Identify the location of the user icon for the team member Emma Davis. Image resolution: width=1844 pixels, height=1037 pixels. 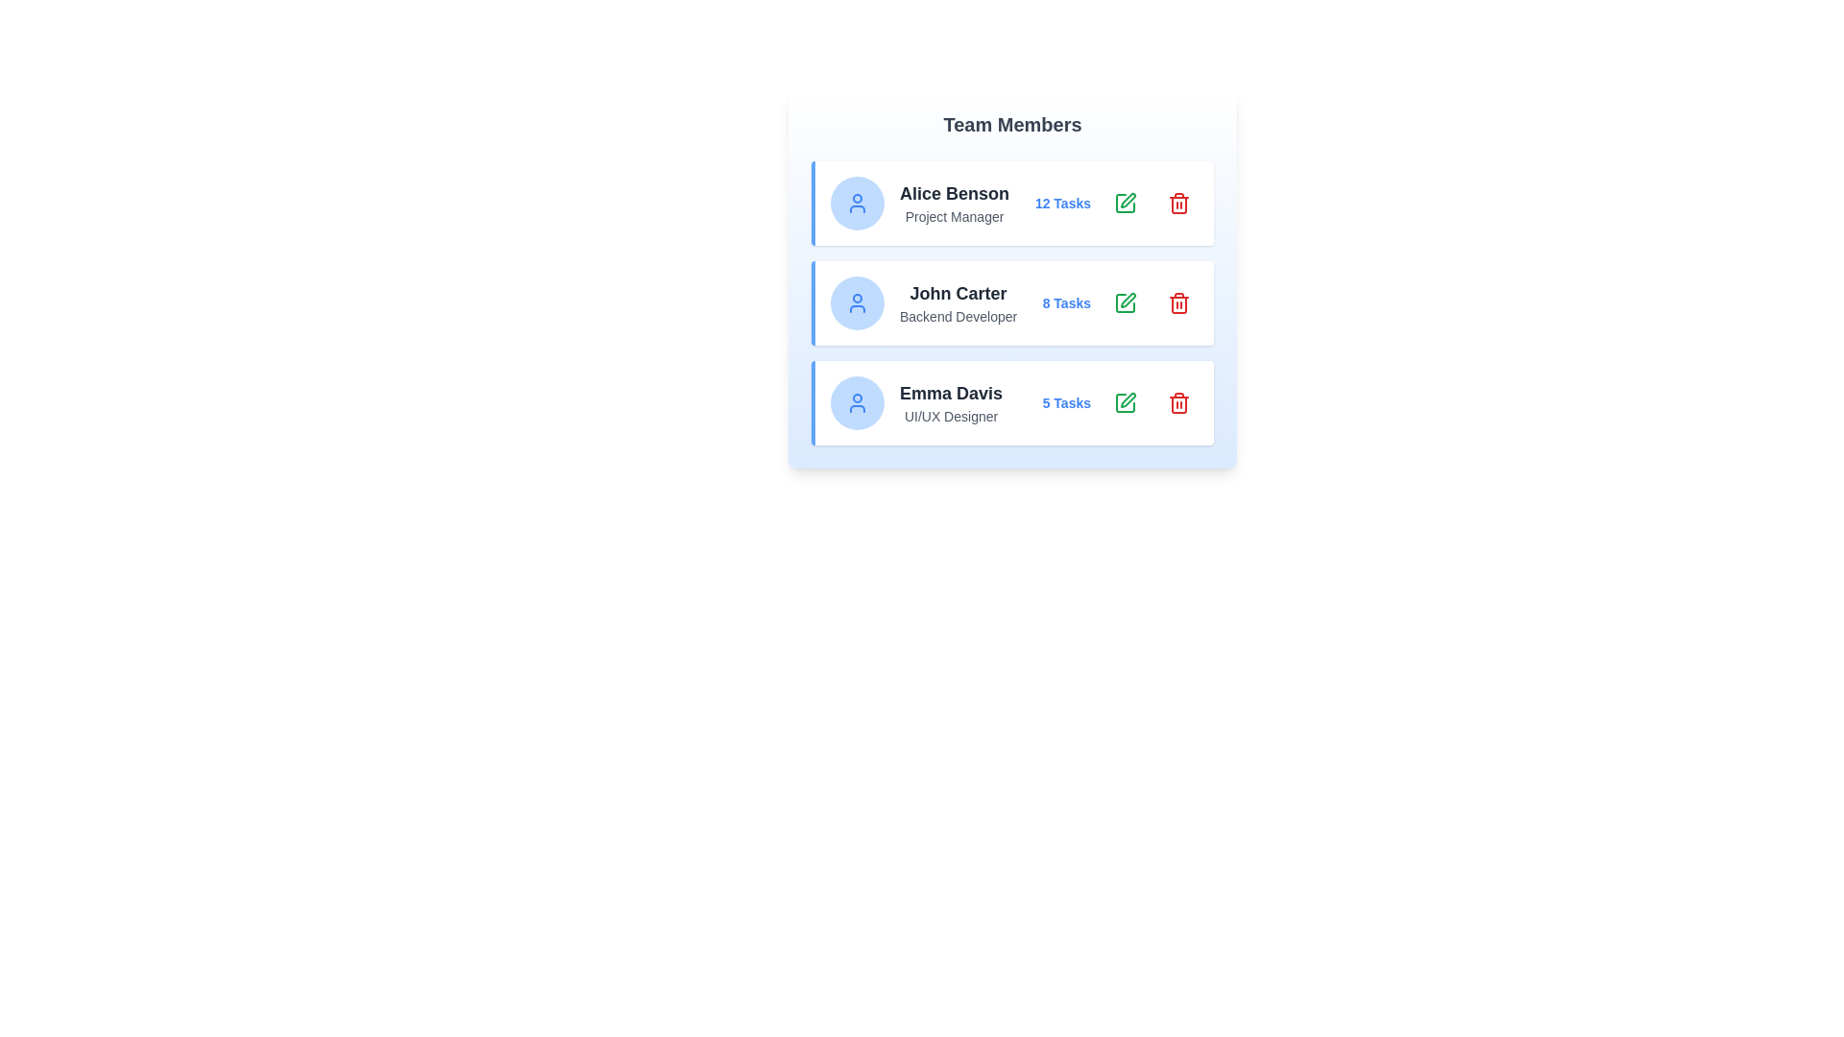
(856, 402).